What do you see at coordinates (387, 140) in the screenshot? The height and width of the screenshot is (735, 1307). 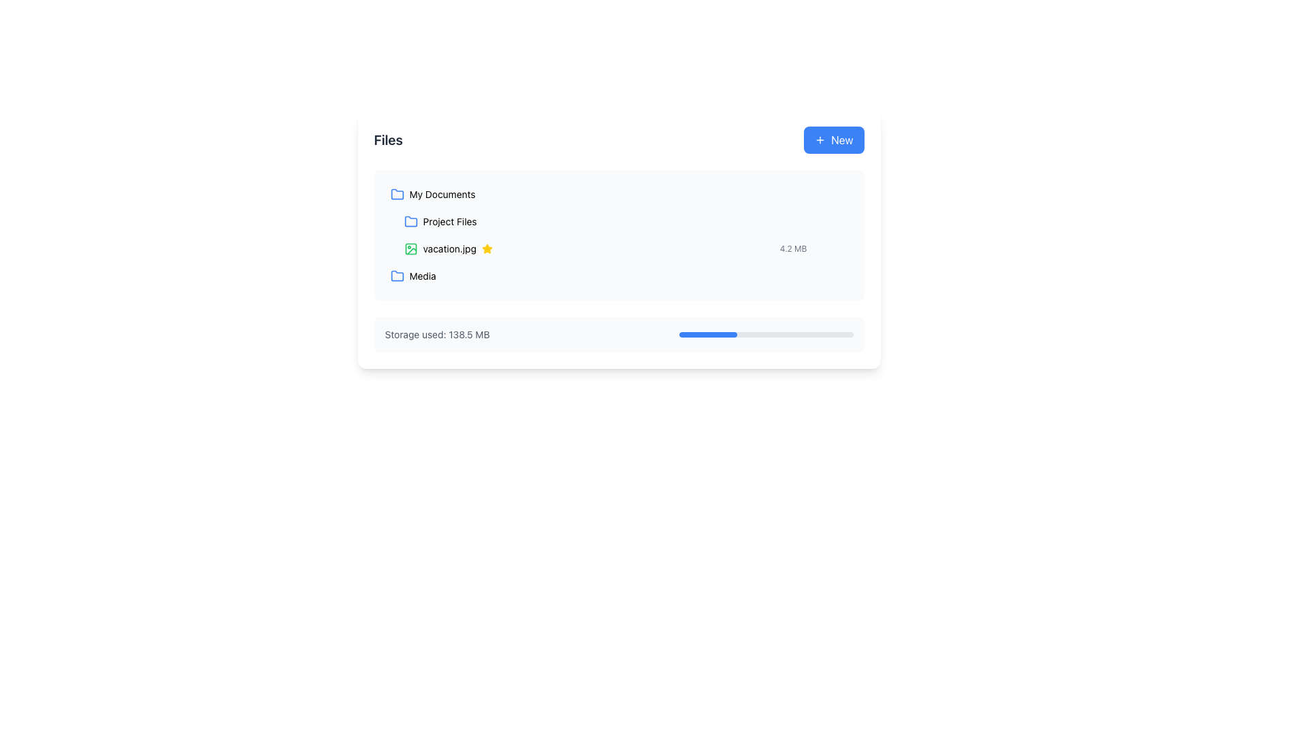 I see `text displayed in the Text Label that serves as a title or header for the files section, located at the far left of the top bar before the 'New' button` at bounding box center [387, 140].